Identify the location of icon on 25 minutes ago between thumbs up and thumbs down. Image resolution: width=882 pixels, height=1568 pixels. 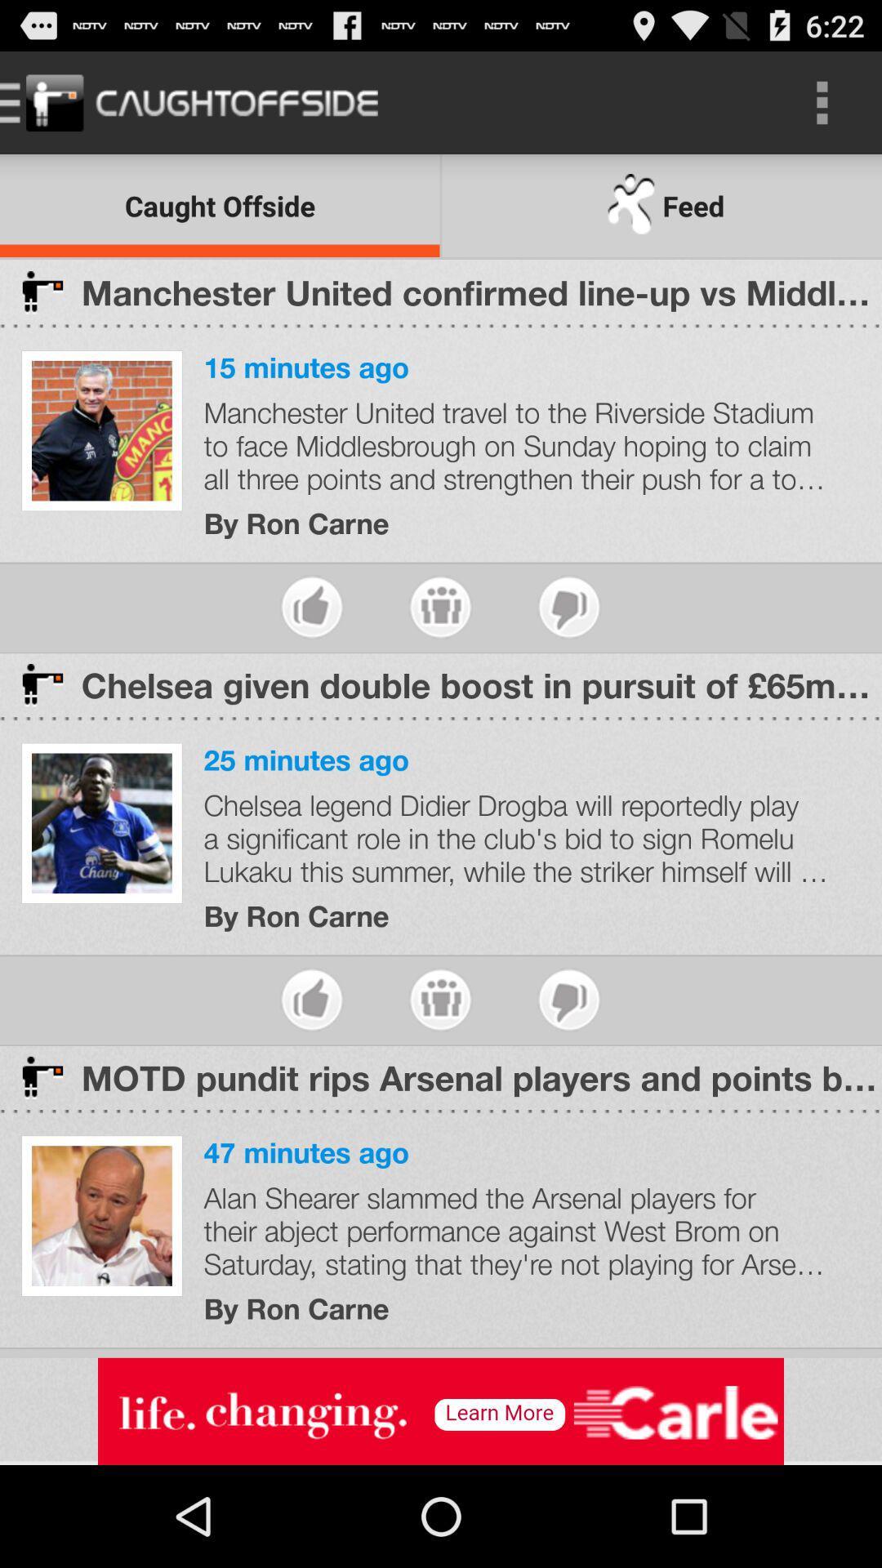
(439, 999).